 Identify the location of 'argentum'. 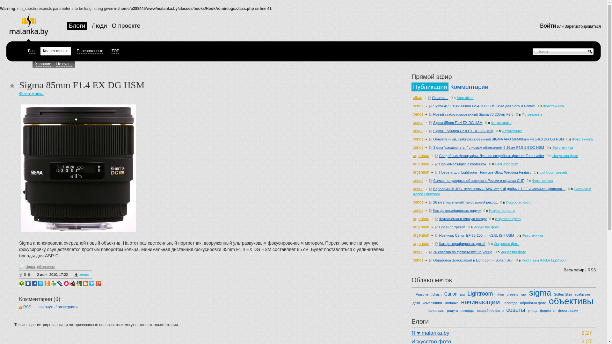
(421, 218).